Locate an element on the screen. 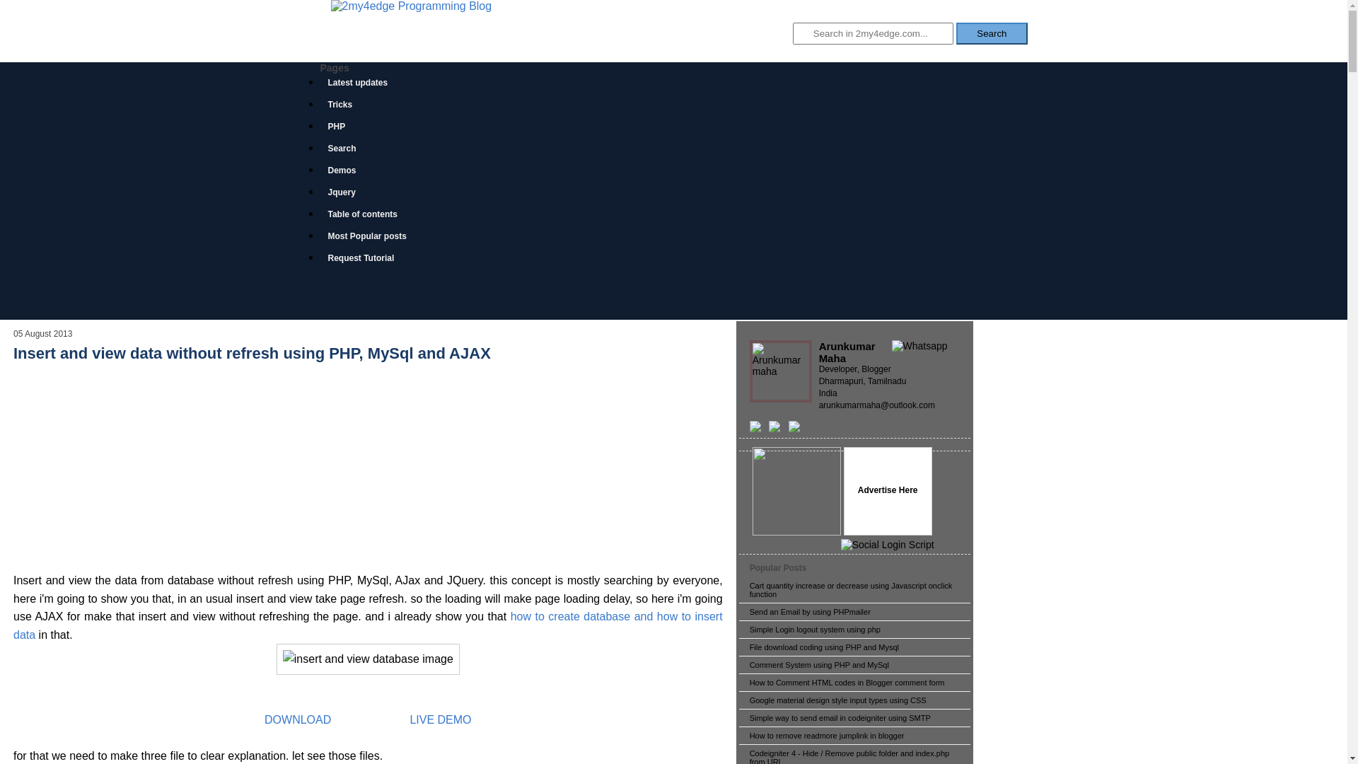  'Advertise Here' is located at coordinates (887, 490).